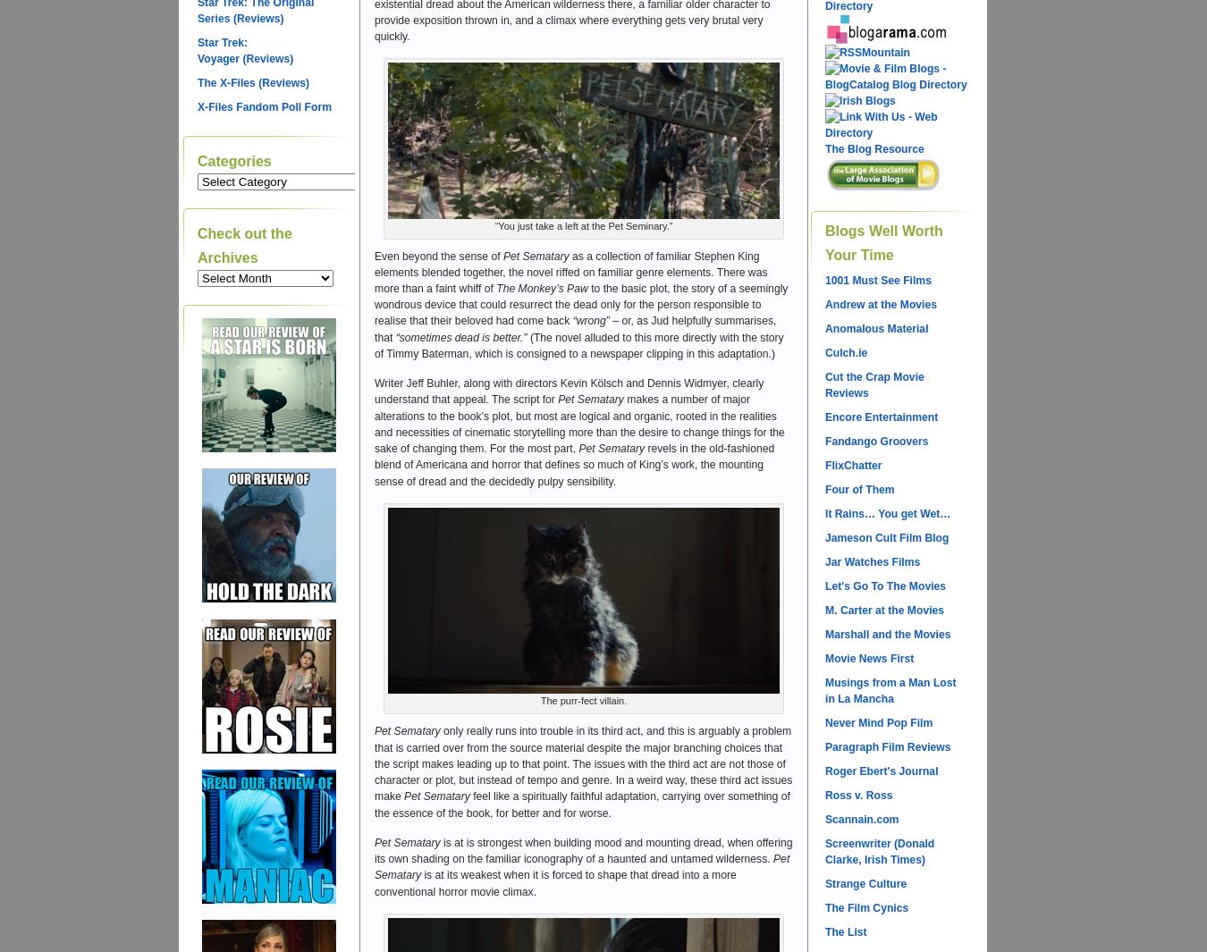 The height and width of the screenshot is (952, 1207). I want to click on 'The Blog Resource', so click(873, 147).